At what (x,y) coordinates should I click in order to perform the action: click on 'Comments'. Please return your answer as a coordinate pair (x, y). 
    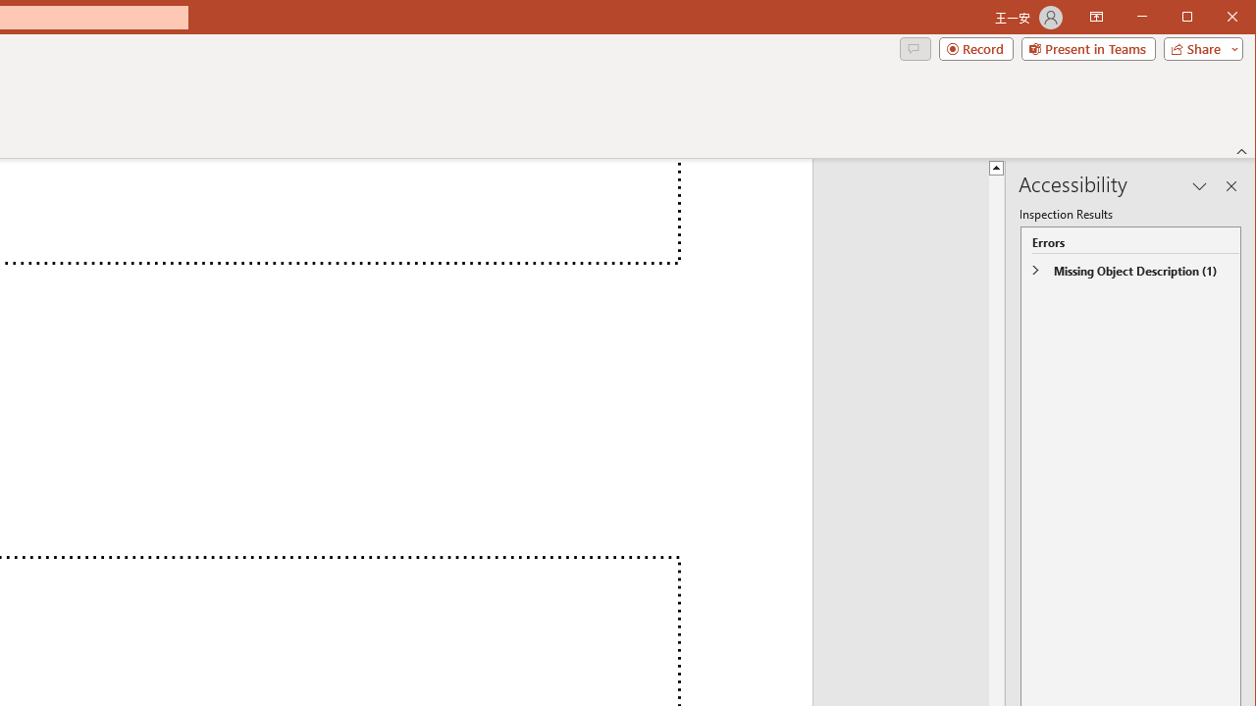
    Looking at the image, I should click on (914, 48).